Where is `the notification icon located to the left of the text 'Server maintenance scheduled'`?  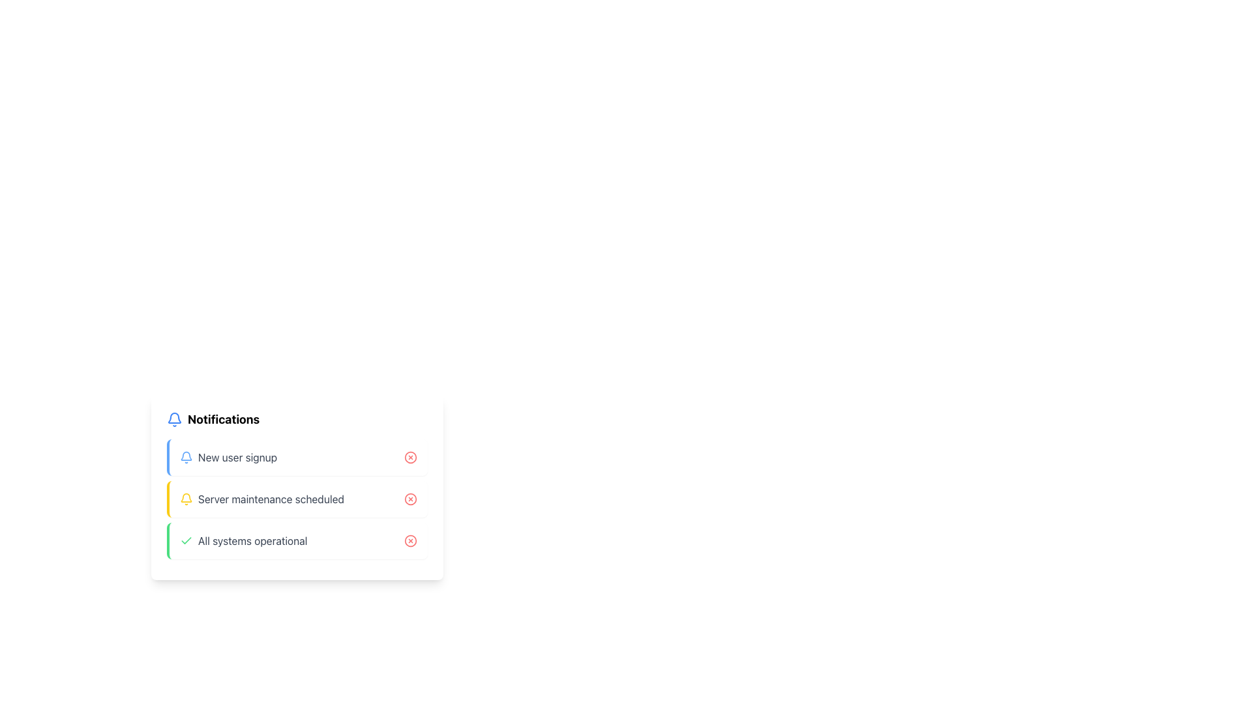 the notification icon located to the left of the text 'Server maintenance scheduled' is located at coordinates (186, 499).